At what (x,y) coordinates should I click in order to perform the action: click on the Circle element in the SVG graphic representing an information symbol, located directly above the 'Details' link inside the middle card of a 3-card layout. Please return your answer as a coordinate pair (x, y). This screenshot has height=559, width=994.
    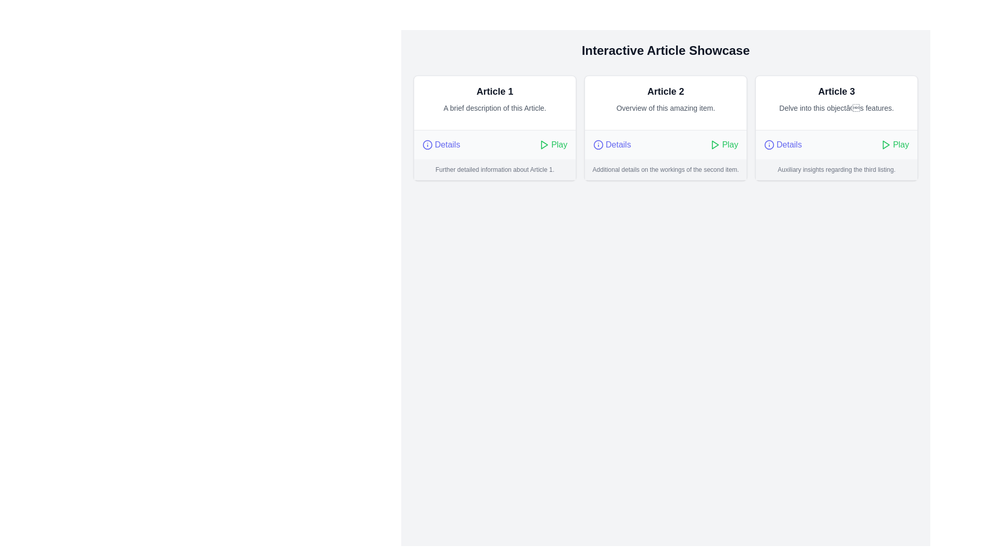
    Looking at the image, I should click on (427, 145).